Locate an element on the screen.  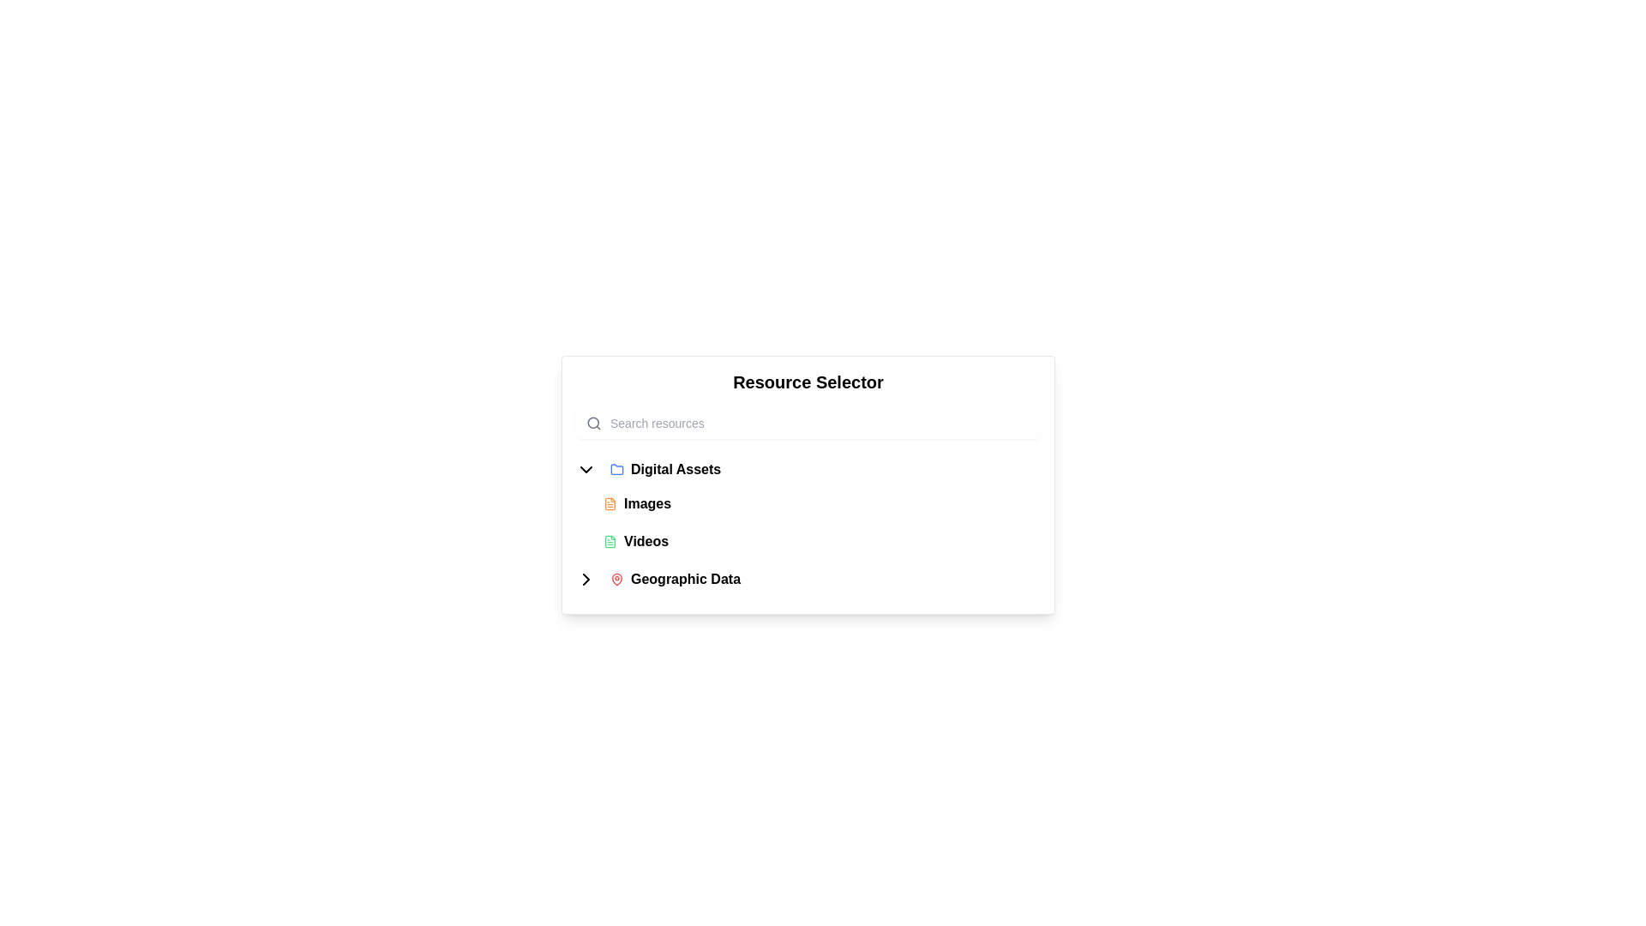
the 'Videos' button in the 'Resource Selector' dropdown menu is located at coordinates (635, 542).